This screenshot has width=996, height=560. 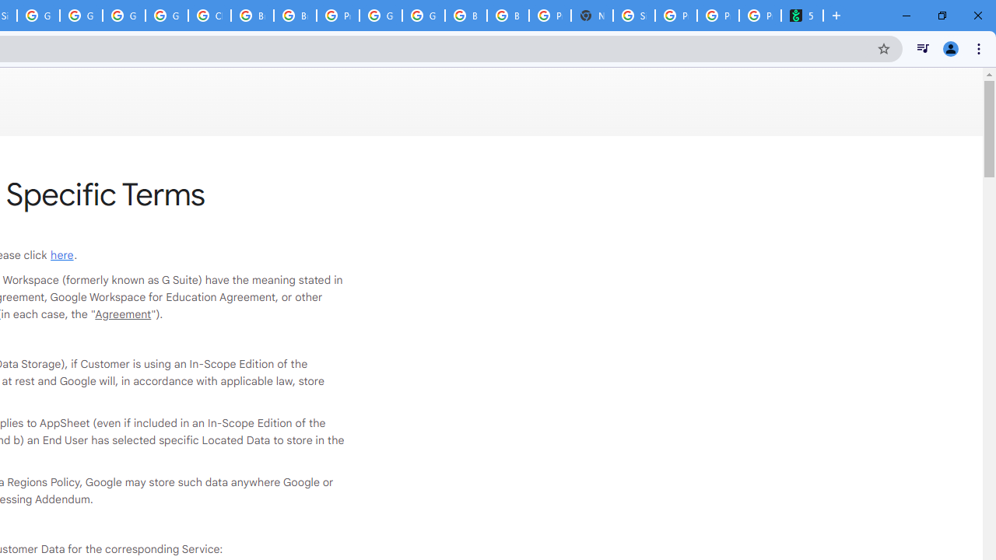 I want to click on 'You', so click(x=949, y=47).